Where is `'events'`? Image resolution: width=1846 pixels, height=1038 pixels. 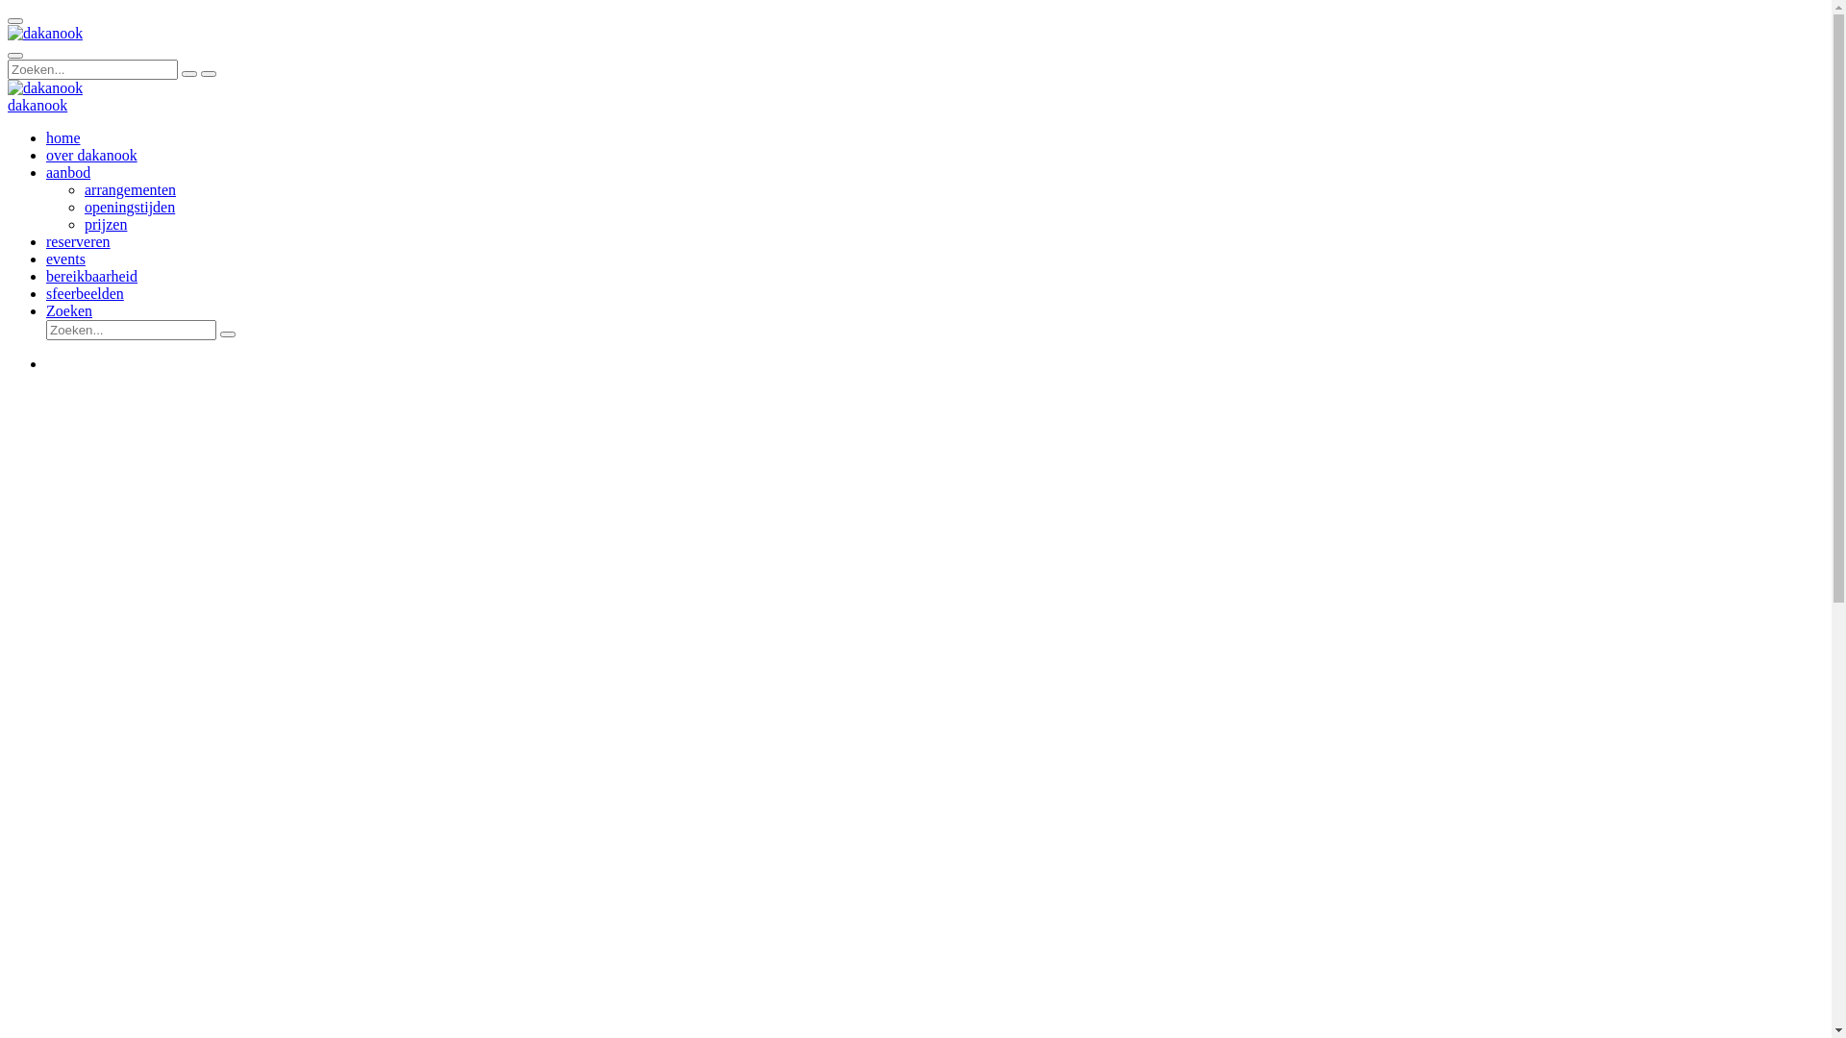
'events' is located at coordinates (46, 258).